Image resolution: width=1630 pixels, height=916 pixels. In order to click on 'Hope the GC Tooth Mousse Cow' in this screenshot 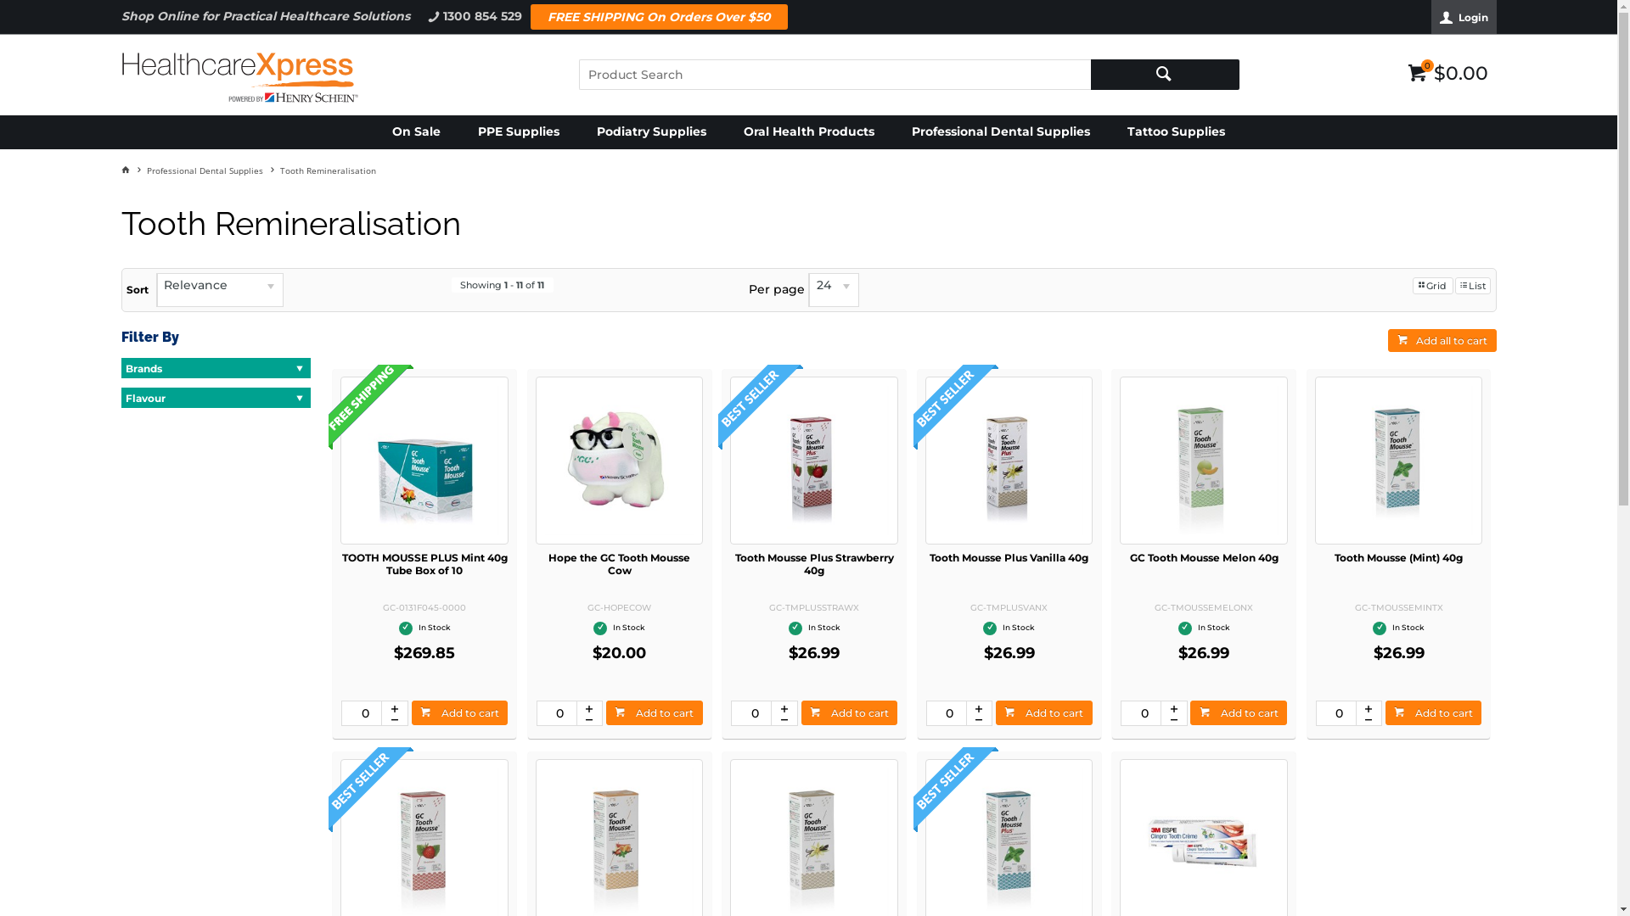, I will do `click(618, 563)`.